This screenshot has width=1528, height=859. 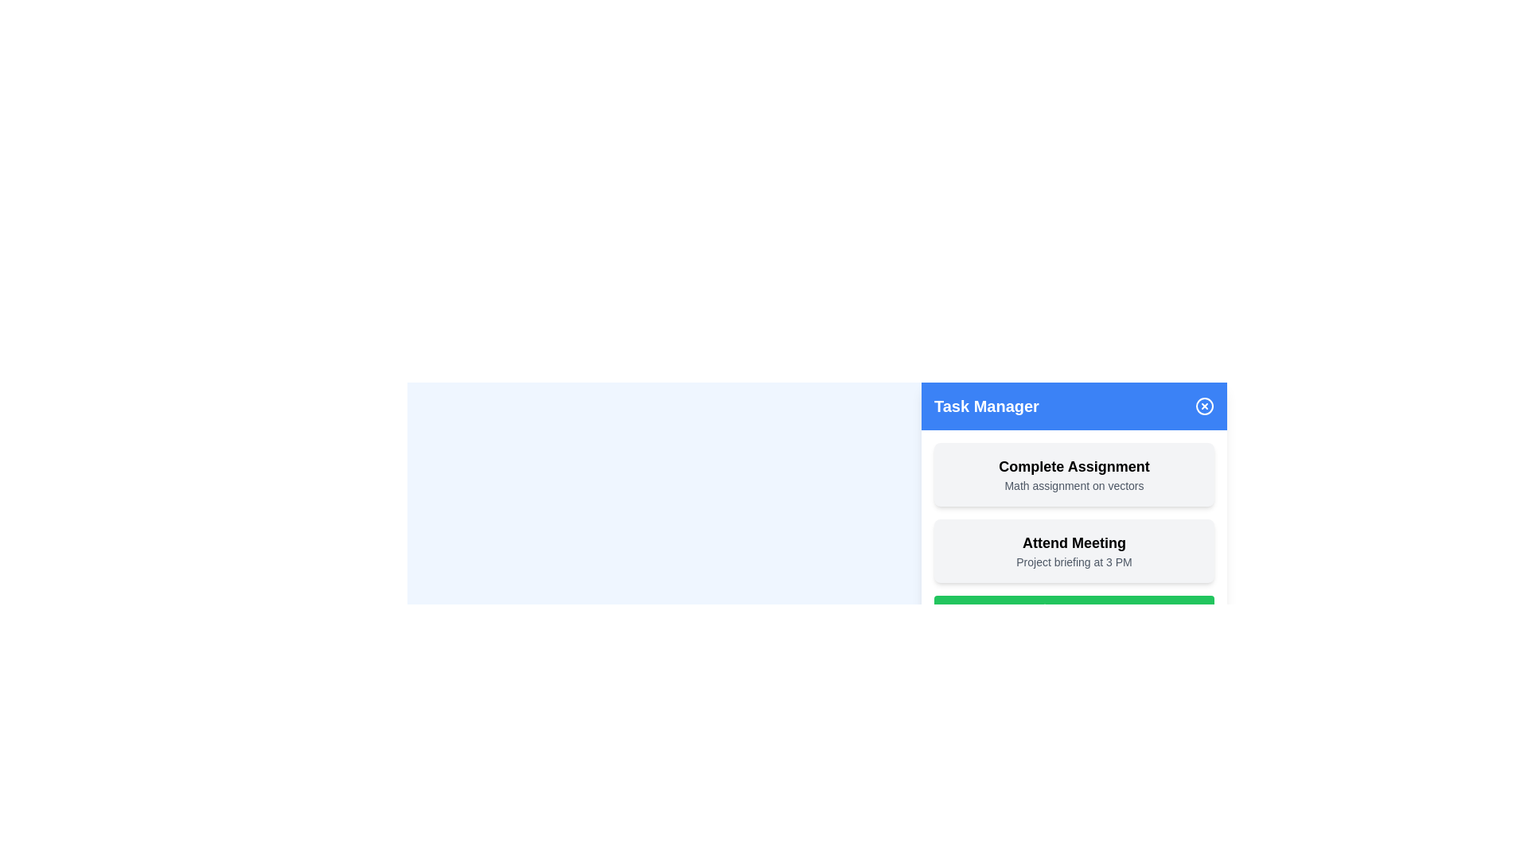 What do you see at coordinates (1204, 405) in the screenshot?
I see `the blue circular icon with a white stroke located in the top-right corner of the Task Manager header` at bounding box center [1204, 405].